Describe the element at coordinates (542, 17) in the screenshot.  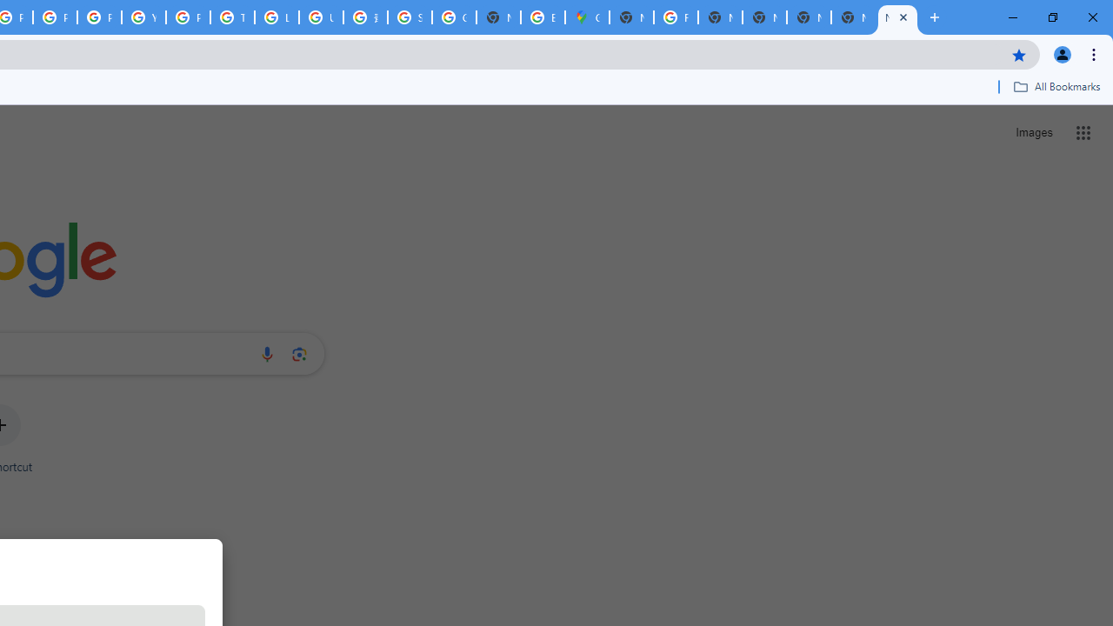
I see `'Explore new street-level details - Google Maps Help'` at that location.